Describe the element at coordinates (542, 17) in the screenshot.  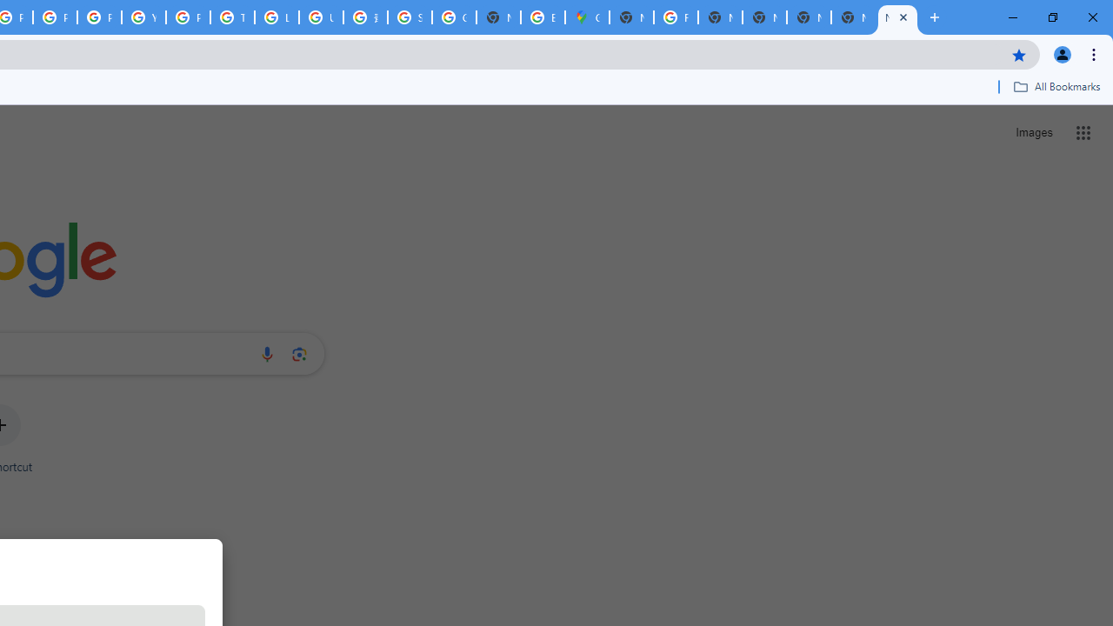
I see `'Explore new street-level details - Google Maps Help'` at that location.